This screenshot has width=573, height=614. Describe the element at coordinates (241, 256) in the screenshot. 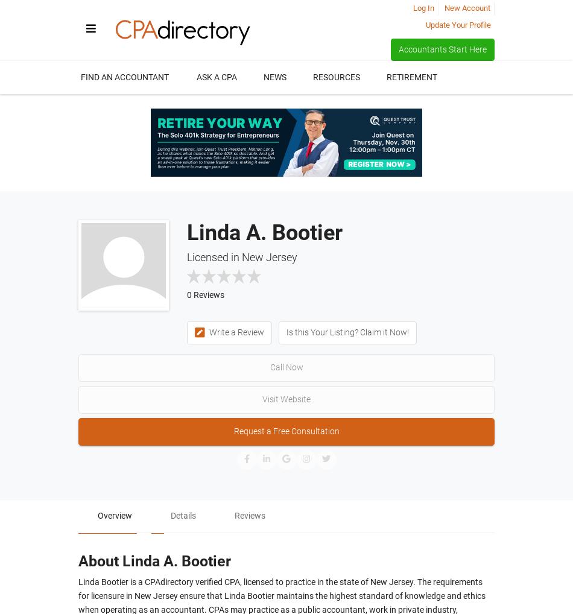

I see `'Licensed in New Jersey'` at that location.